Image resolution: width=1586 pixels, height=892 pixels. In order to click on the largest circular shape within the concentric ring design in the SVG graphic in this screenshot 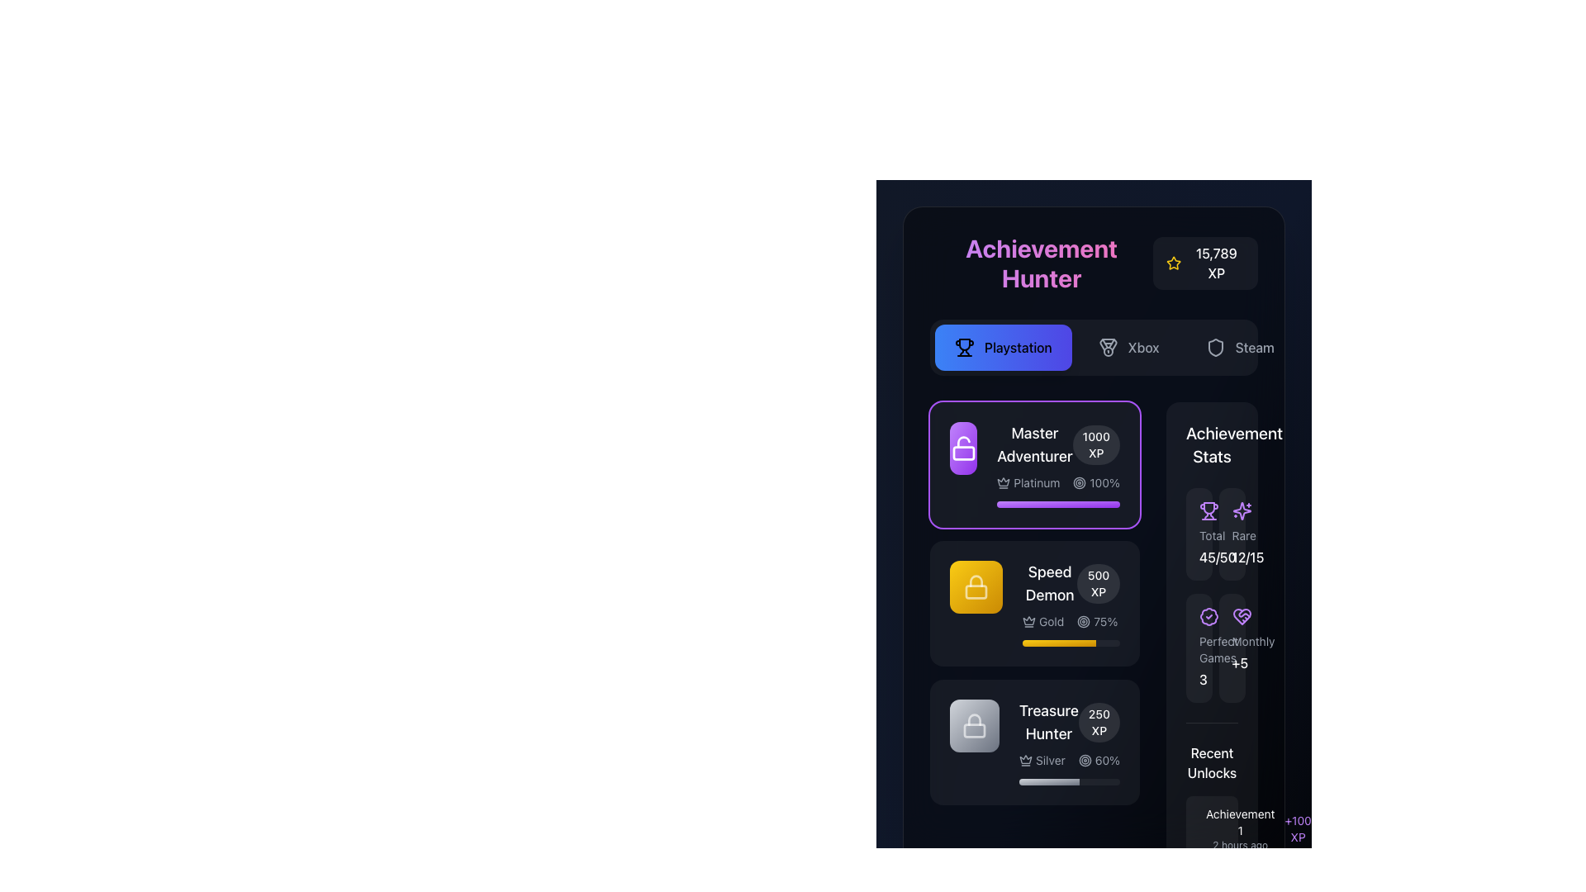, I will do `click(1085, 761)`.